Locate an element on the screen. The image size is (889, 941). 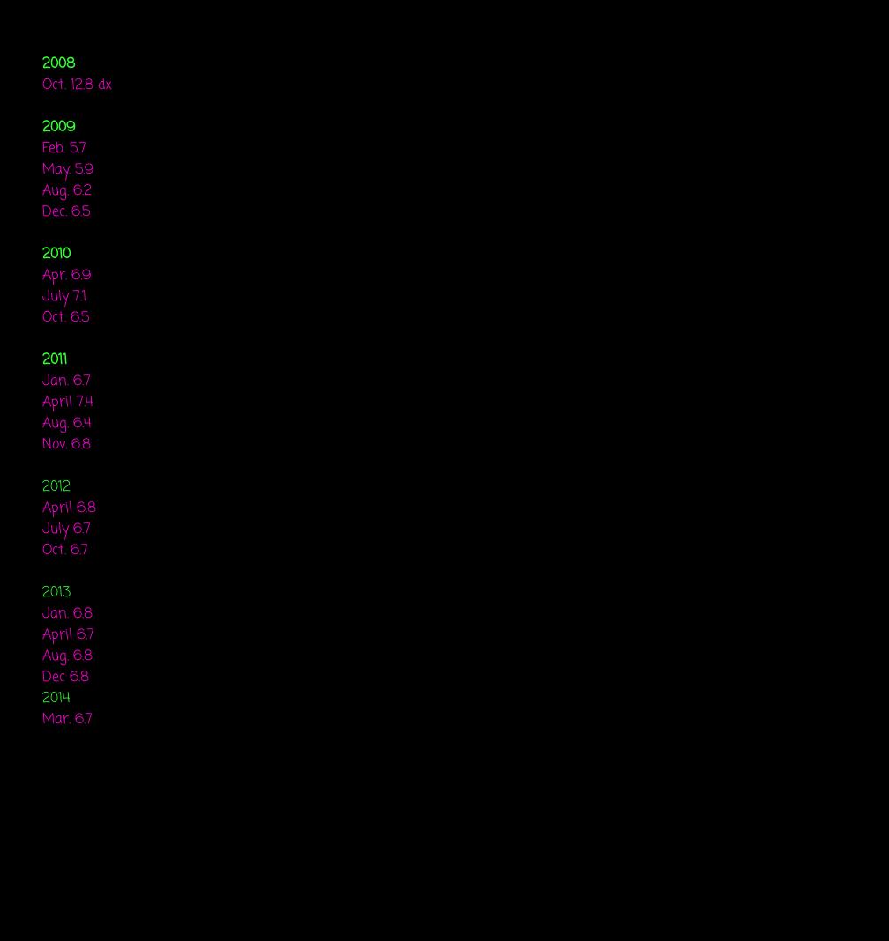
'2010' is located at coordinates (56, 254).